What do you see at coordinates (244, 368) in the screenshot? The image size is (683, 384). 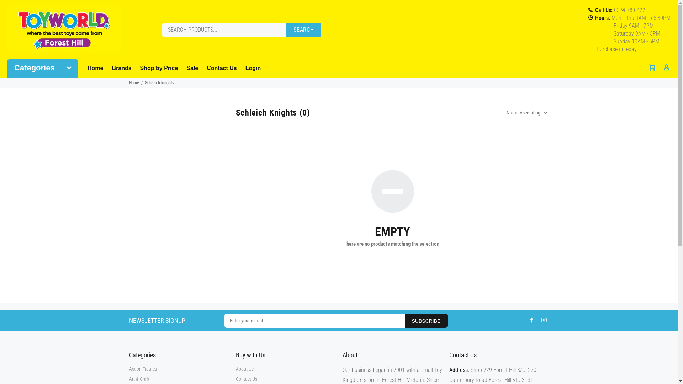 I see `'About Us'` at bounding box center [244, 368].